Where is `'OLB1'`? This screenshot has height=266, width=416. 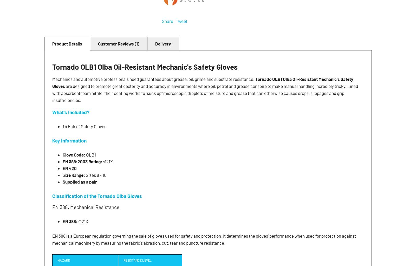
'OLB1' is located at coordinates (91, 154).